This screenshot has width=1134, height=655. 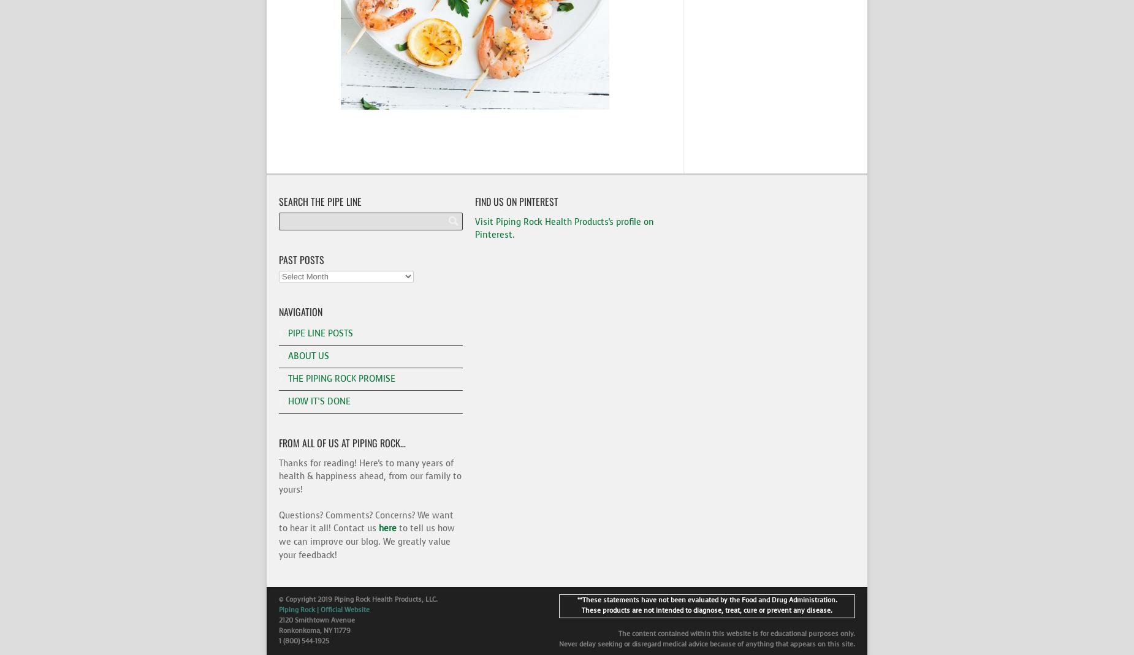 What do you see at coordinates (517, 200) in the screenshot?
I see `'FIND US ON PINTEREST'` at bounding box center [517, 200].